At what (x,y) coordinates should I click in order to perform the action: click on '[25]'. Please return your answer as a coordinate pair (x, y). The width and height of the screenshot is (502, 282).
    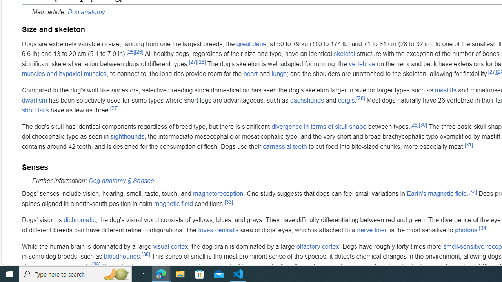
    Looking at the image, I should click on (131, 51).